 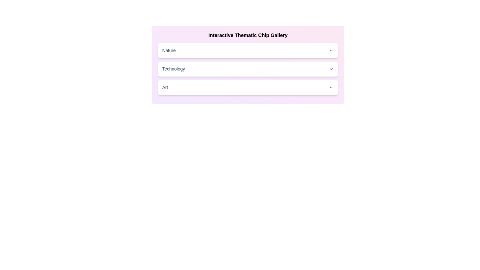 I want to click on the Technology title to expand its section, so click(x=248, y=69).